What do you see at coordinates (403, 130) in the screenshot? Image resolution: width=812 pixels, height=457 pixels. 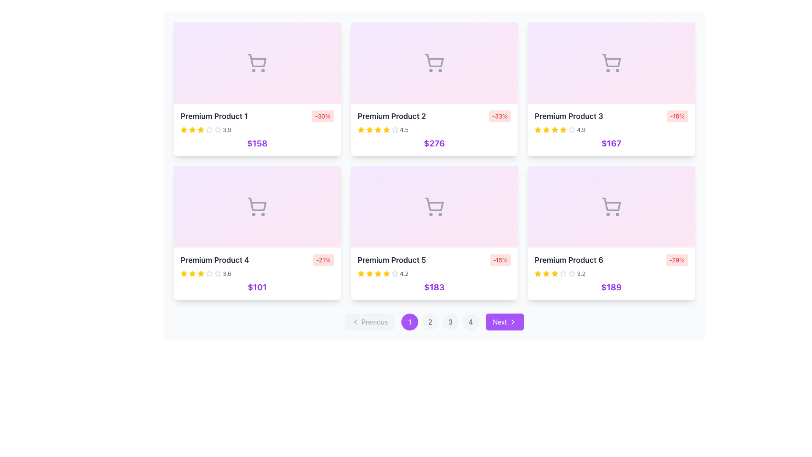 I see `the static text display showing the numerical rating for 'Premium Product 2', located to the right of the yellow star icons` at bounding box center [403, 130].